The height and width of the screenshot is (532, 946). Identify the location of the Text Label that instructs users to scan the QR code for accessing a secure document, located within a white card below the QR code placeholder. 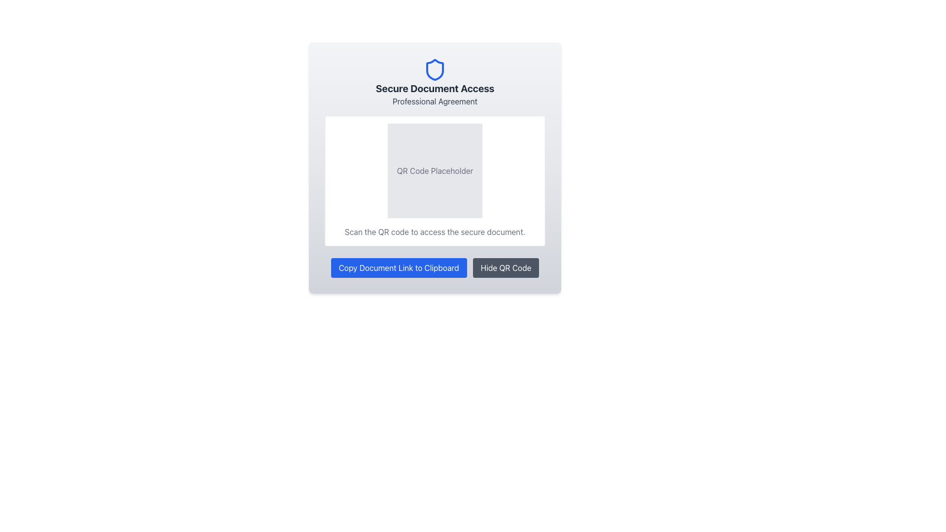
(435, 232).